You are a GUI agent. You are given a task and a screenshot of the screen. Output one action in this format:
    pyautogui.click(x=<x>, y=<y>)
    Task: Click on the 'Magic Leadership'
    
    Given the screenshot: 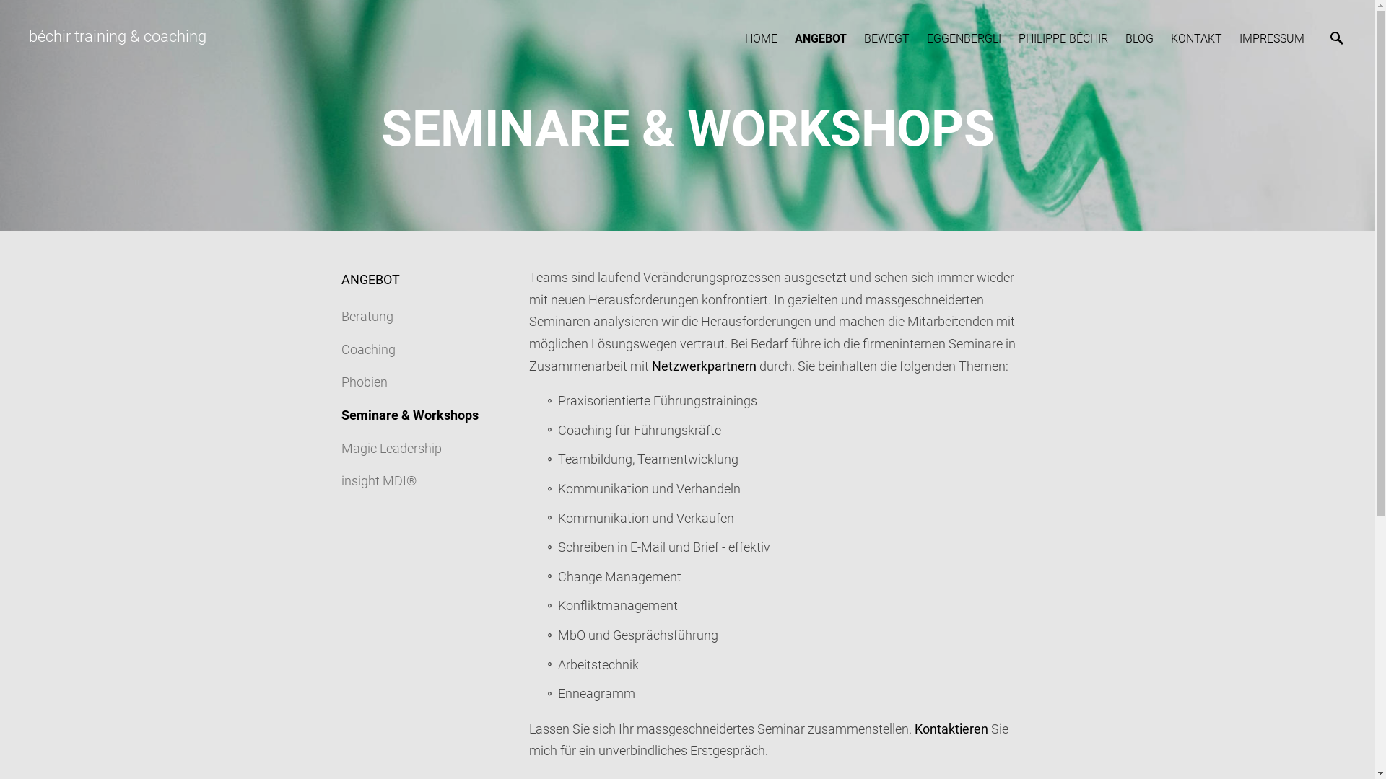 What is the action you would take?
    pyautogui.click(x=391, y=447)
    